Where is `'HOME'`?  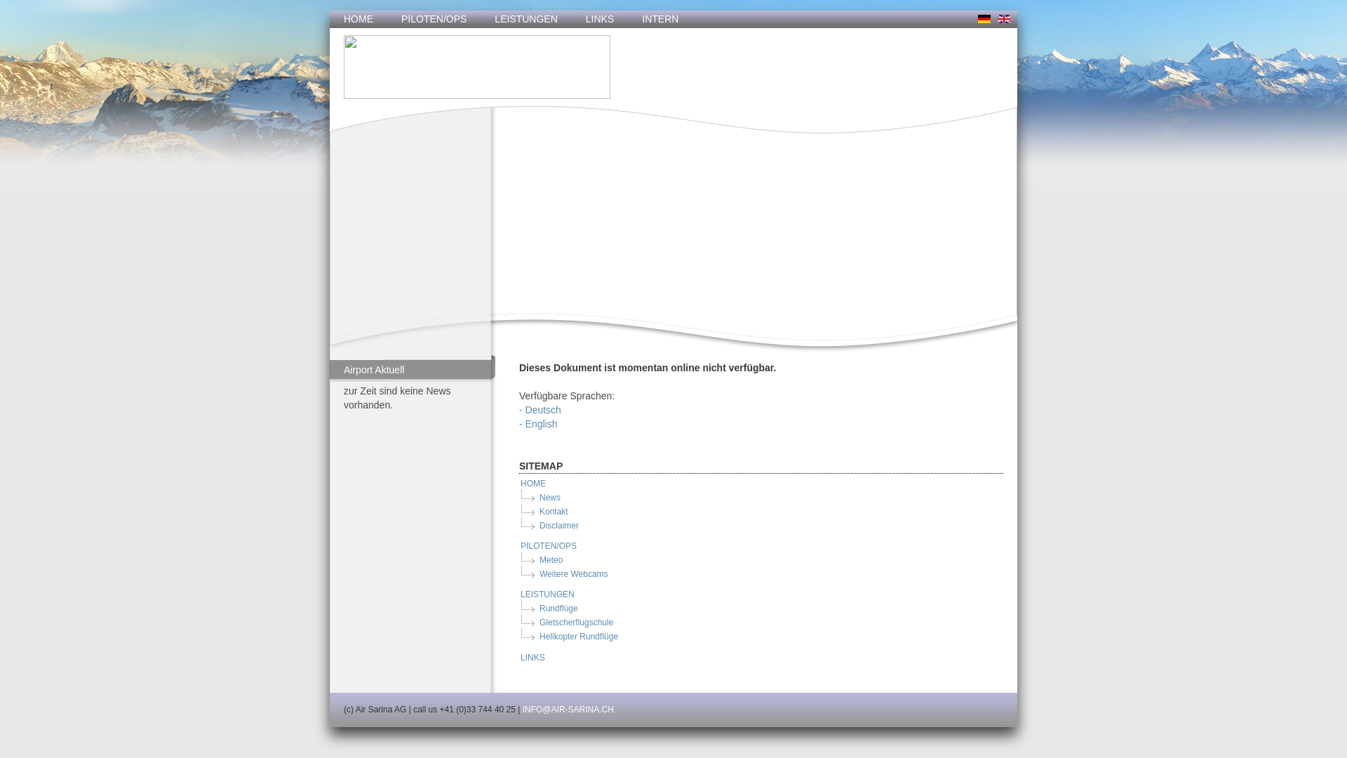 'HOME' is located at coordinates (518, 483).